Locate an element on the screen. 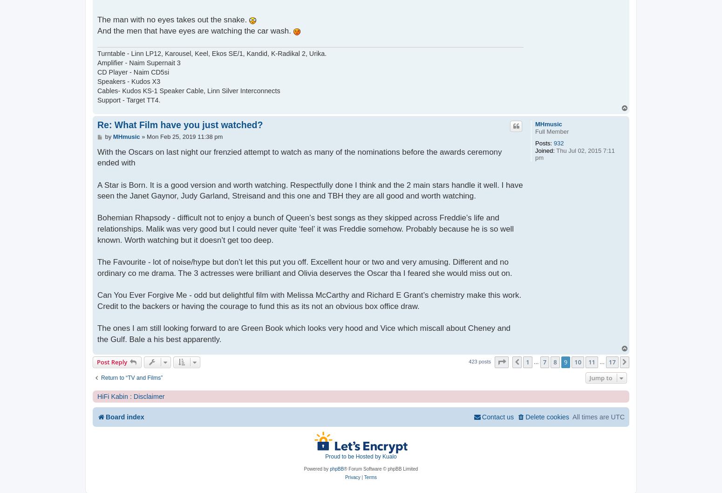 Image resolution: width=722 pixels, height=493 pixels. 'of' is located at coordinates (529, 362).